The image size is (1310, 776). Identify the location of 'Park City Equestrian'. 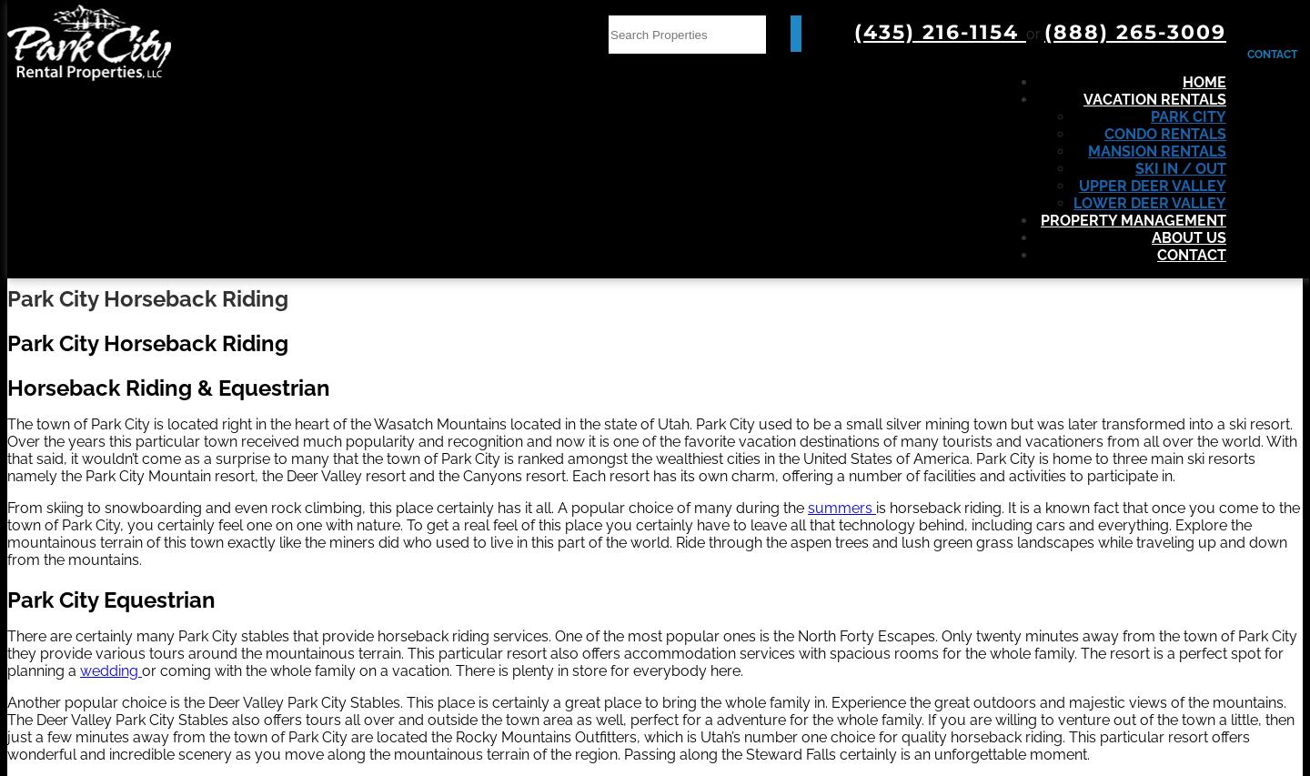
(110, 598).